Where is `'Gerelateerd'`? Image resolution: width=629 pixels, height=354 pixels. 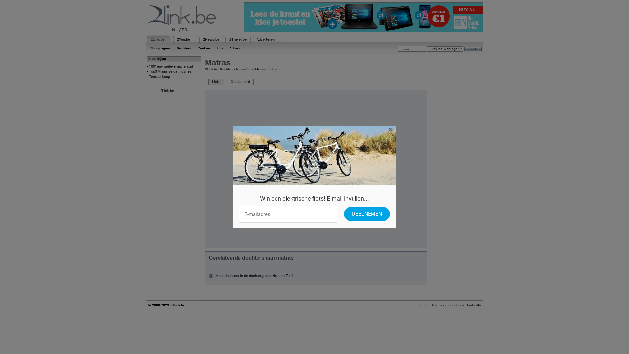 'Gerelateerd' is located at coordinates (240, 82).